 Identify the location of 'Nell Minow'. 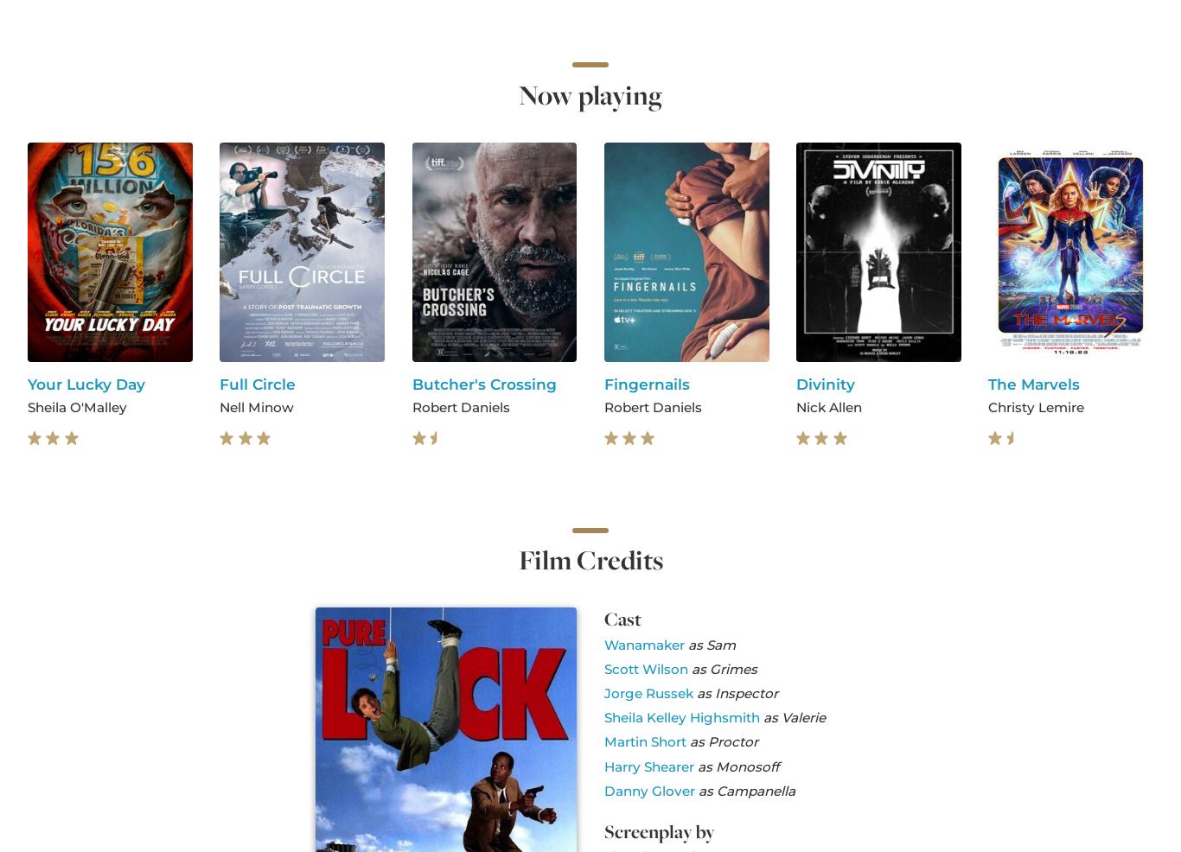
(256, 406).